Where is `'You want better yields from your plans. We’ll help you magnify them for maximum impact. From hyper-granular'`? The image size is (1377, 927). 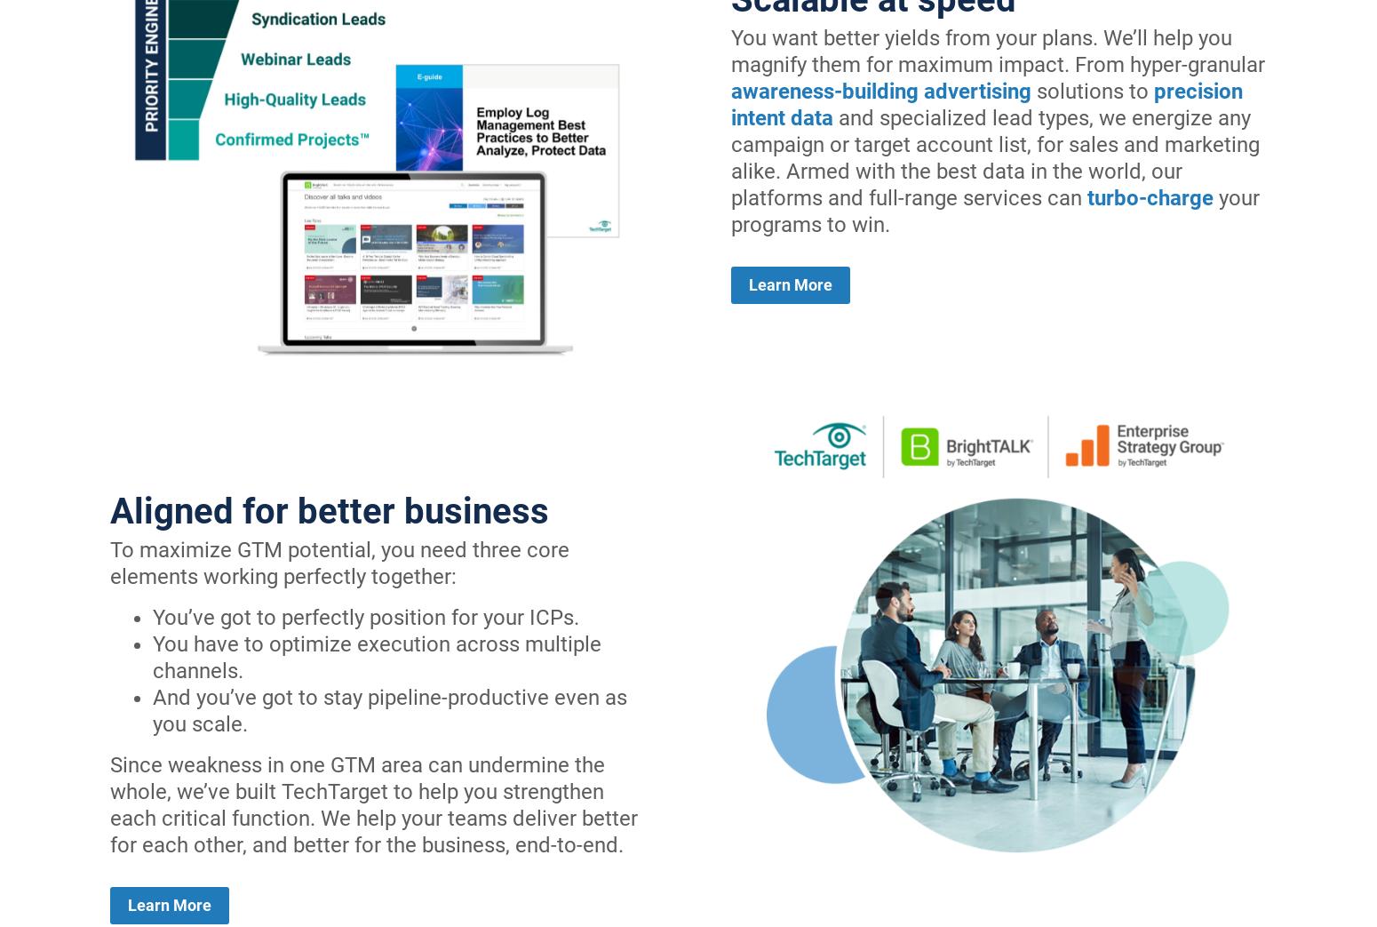
'You want better yields from your plans. We’ll help you magnify them for maximum impact. From hyper-granular' is located at coordinates (997, 50).